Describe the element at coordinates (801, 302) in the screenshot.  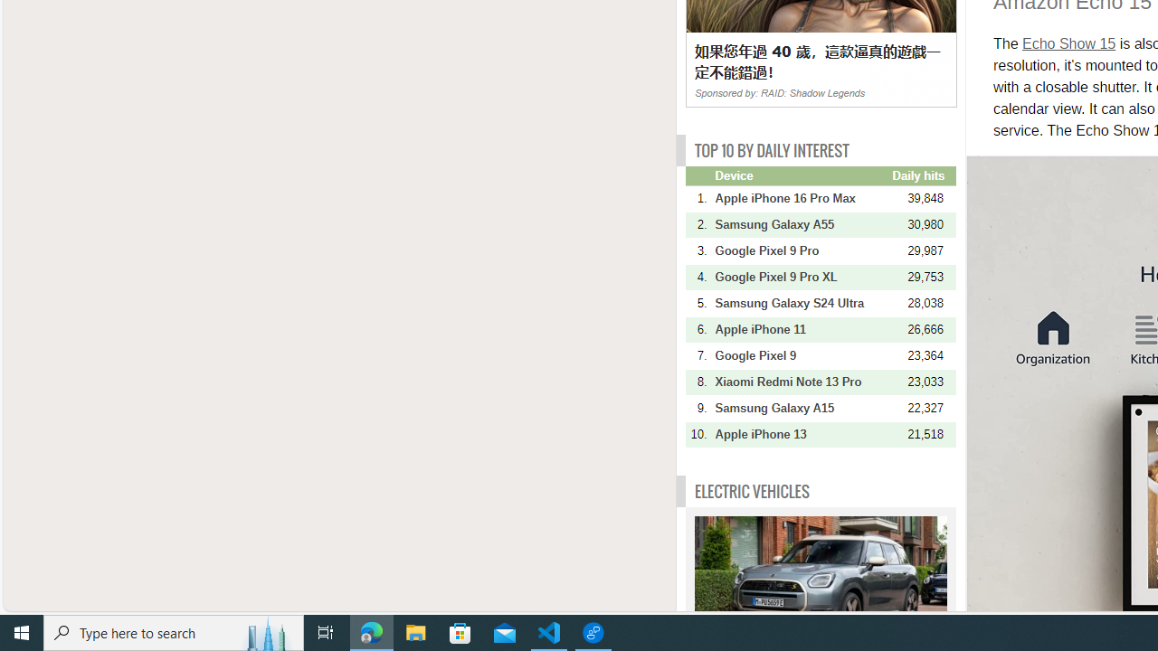
I see `'Samsung Galaxy S24 Ultra'` at that location.